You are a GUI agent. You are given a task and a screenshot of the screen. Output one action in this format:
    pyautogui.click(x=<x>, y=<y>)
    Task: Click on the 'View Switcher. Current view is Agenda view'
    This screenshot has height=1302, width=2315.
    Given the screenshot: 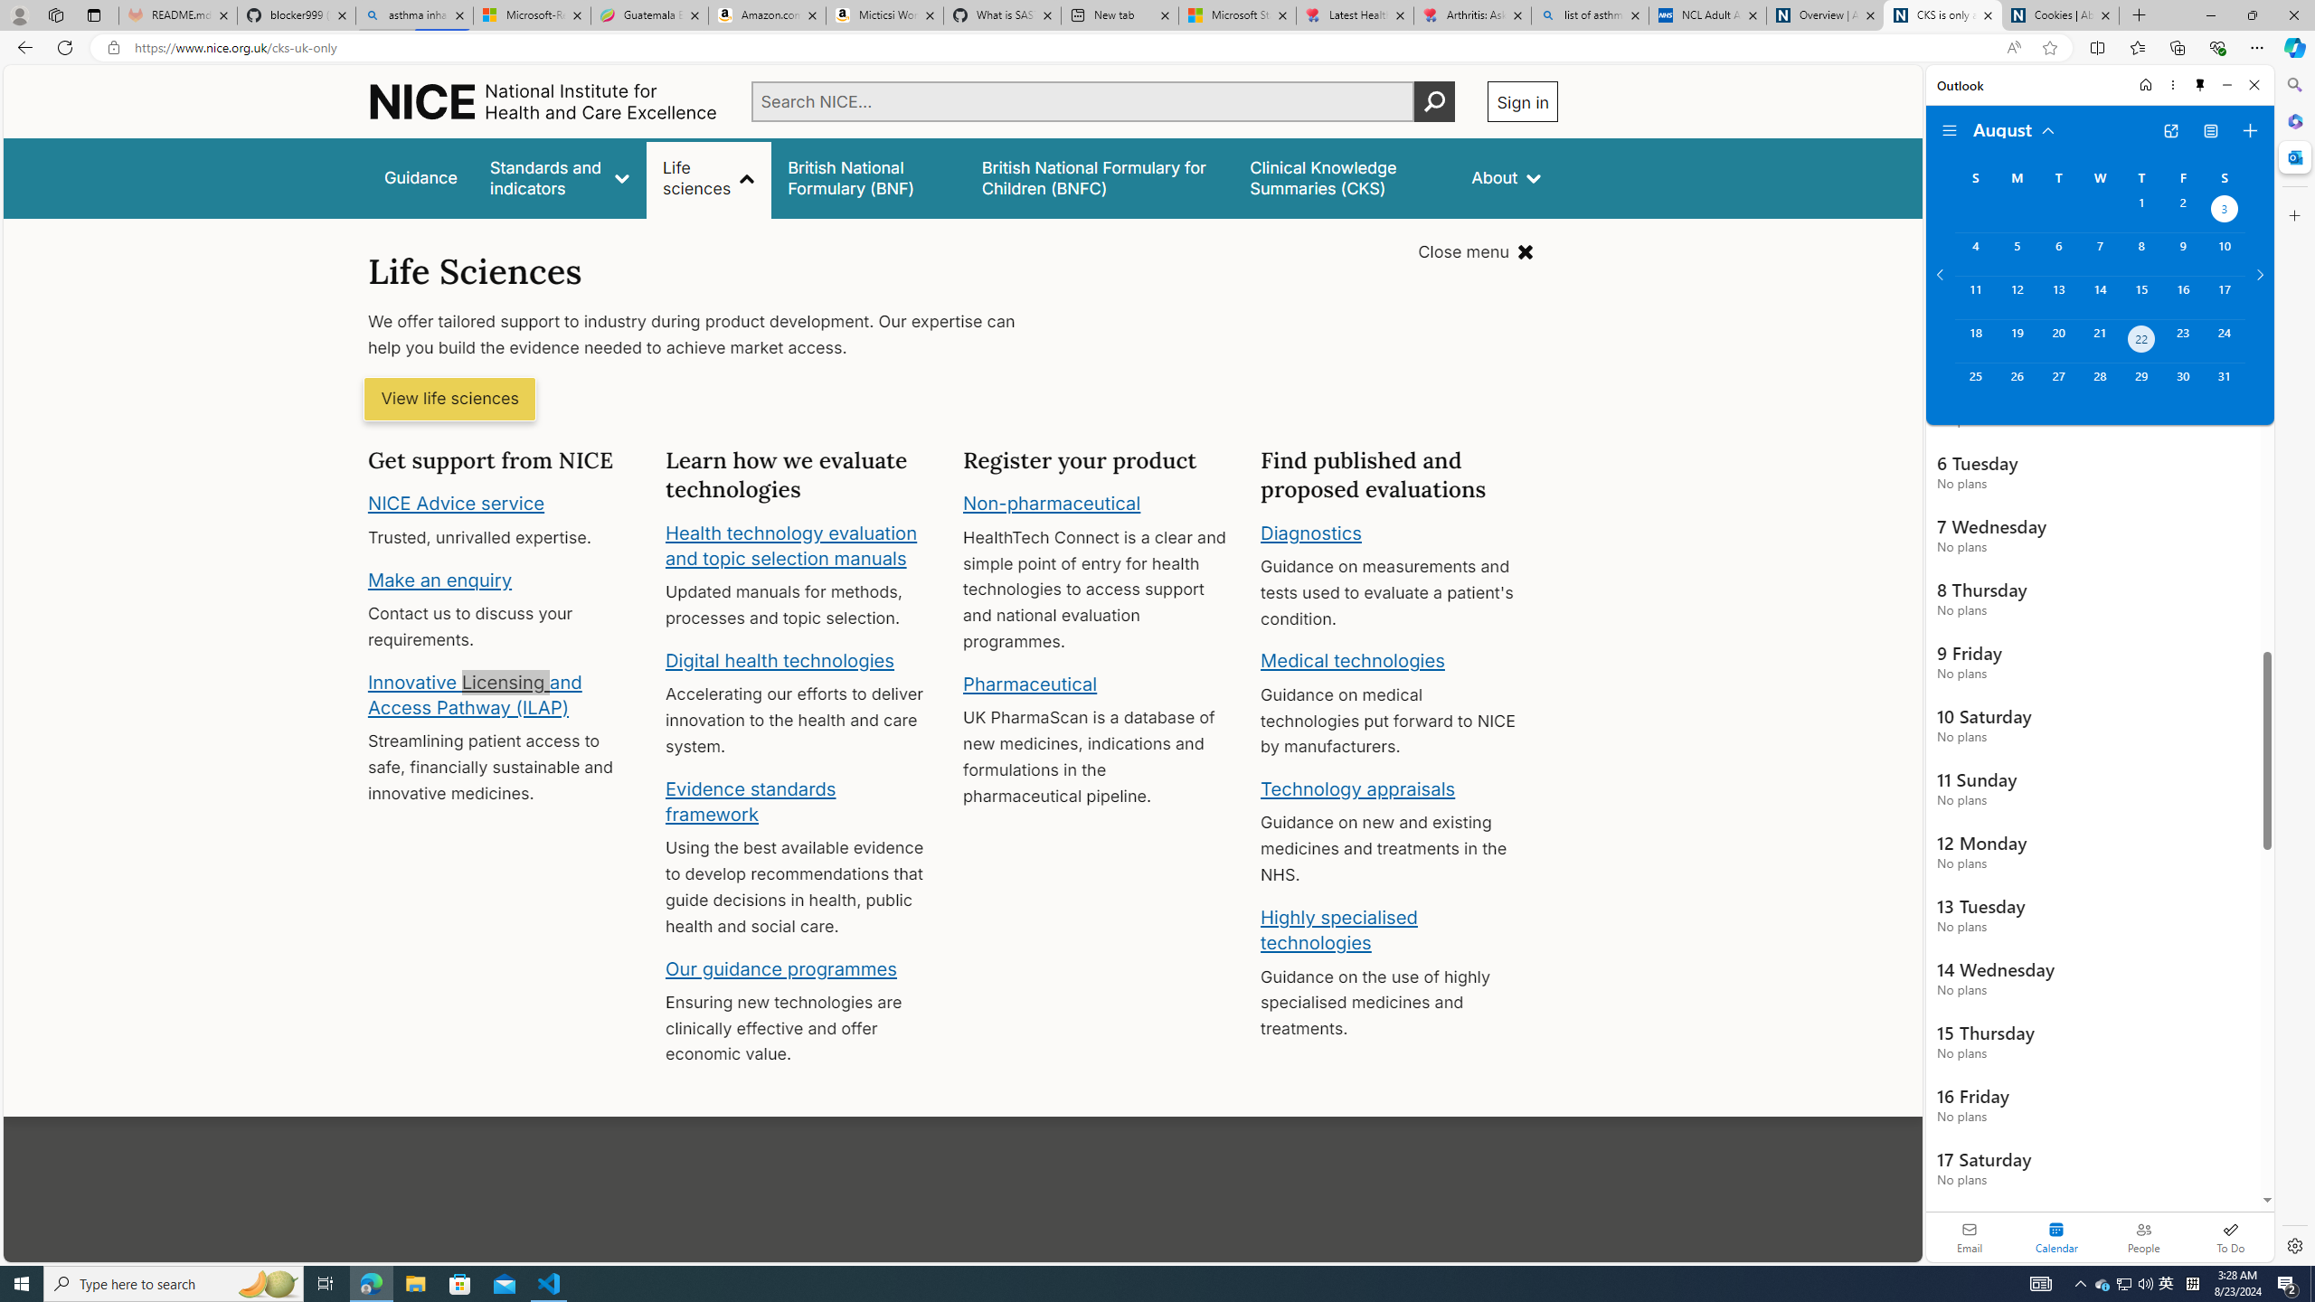 What is the action you would take?
    pyautogui.click(x=2209, y=131)
    